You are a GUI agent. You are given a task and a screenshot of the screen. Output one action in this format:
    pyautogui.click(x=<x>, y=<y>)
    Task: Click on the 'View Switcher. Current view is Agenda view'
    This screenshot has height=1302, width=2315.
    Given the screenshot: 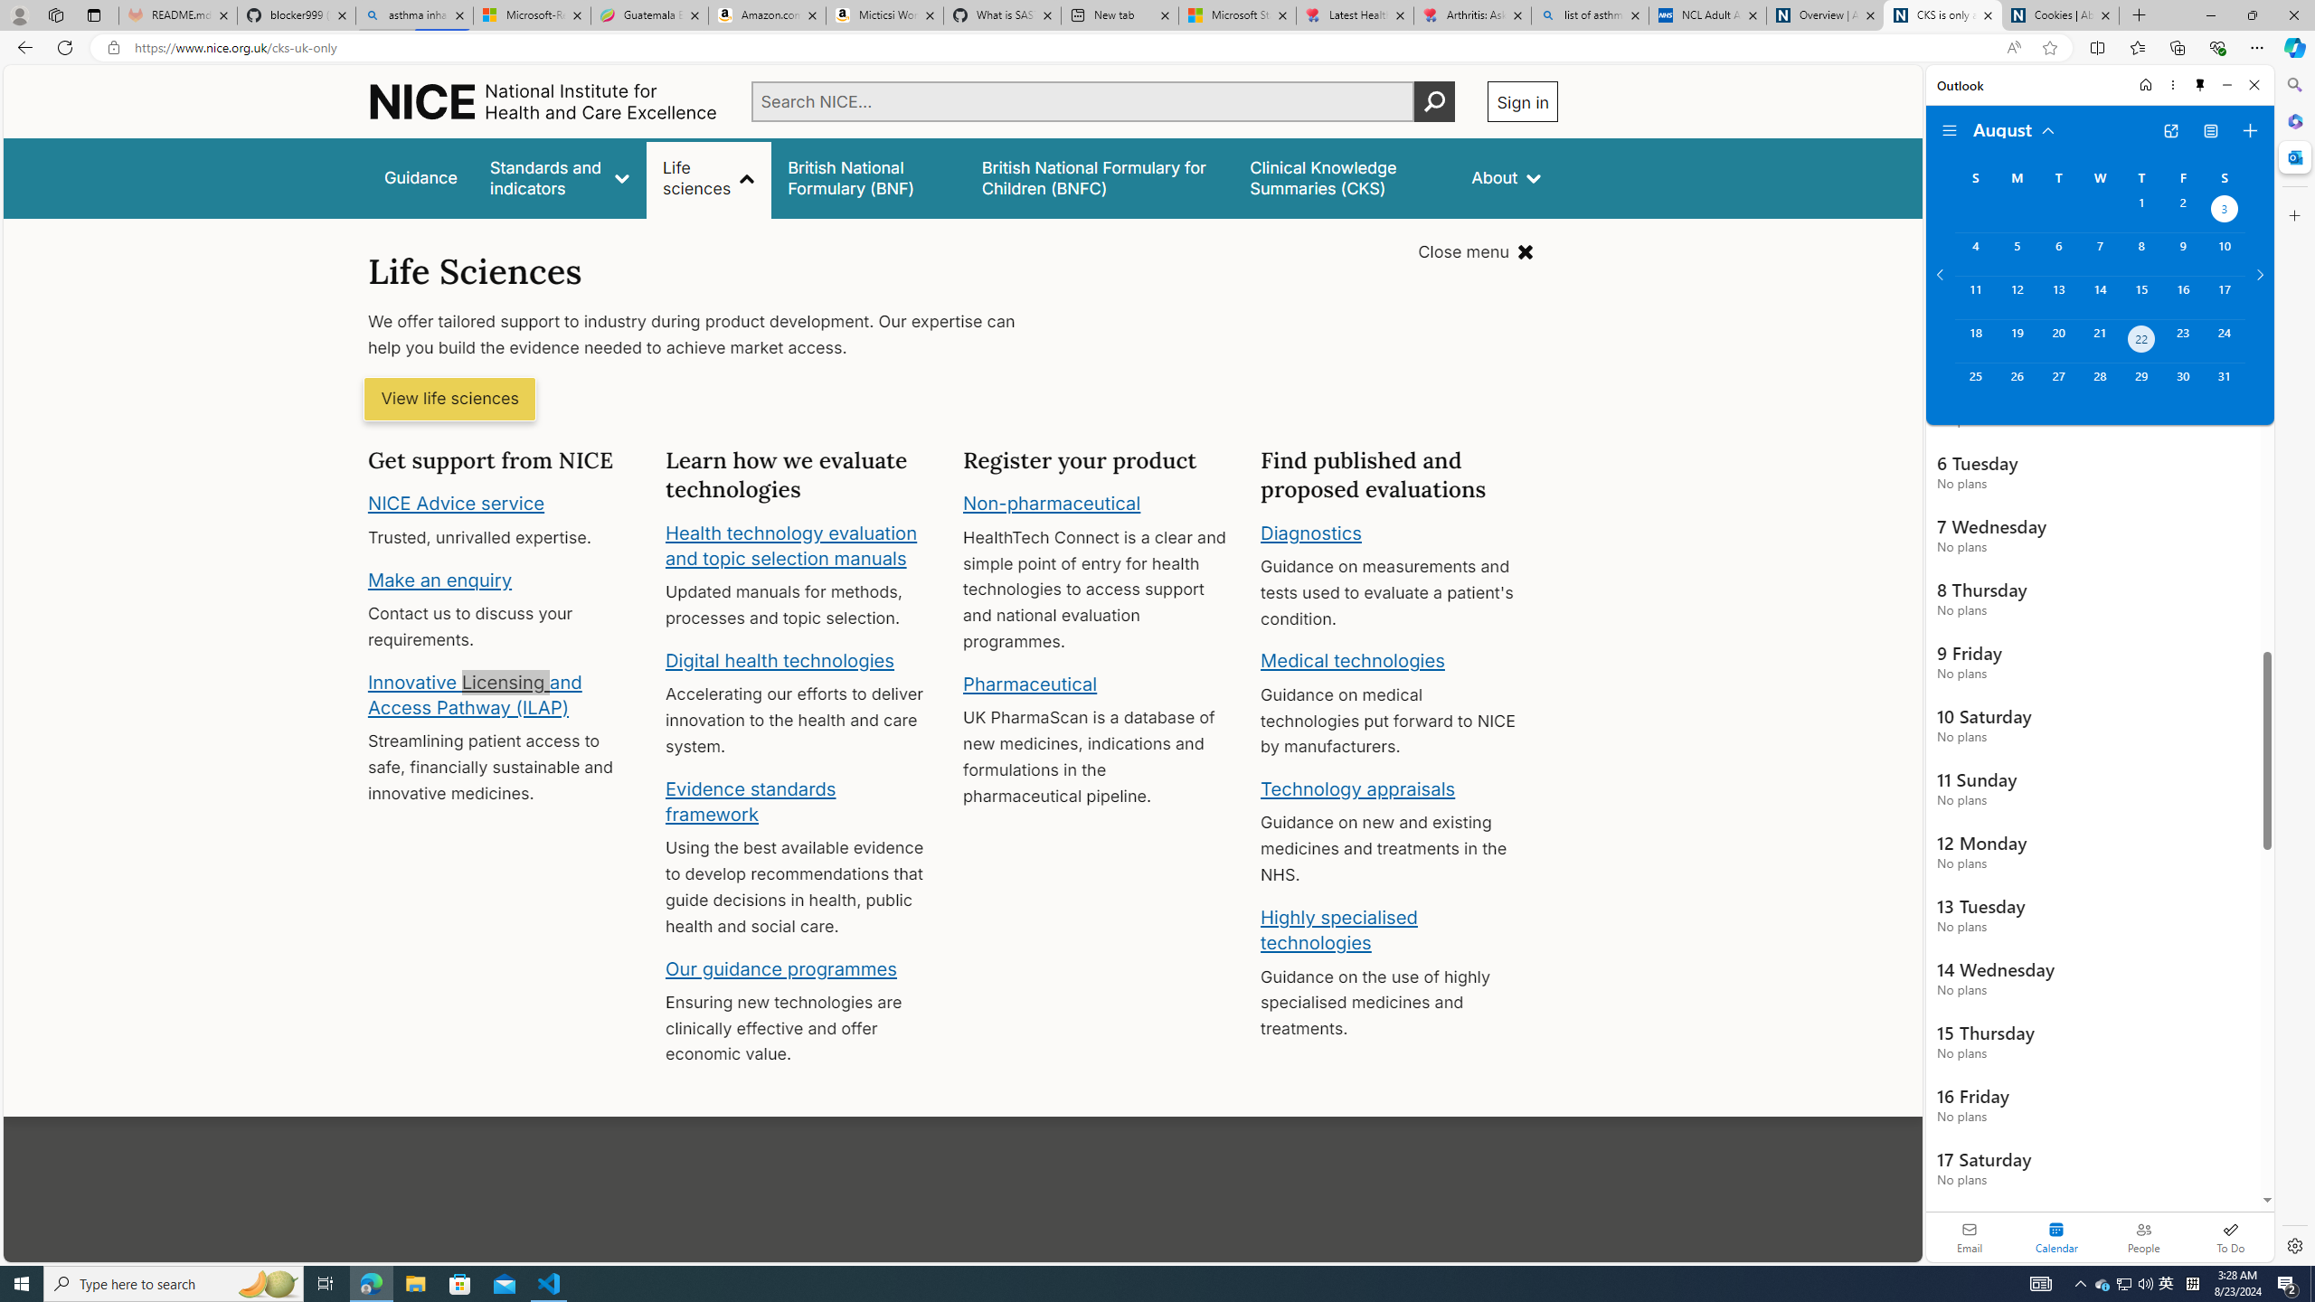 What is the action you would take?
    pyautogui.click(x=2209, y=131)
    